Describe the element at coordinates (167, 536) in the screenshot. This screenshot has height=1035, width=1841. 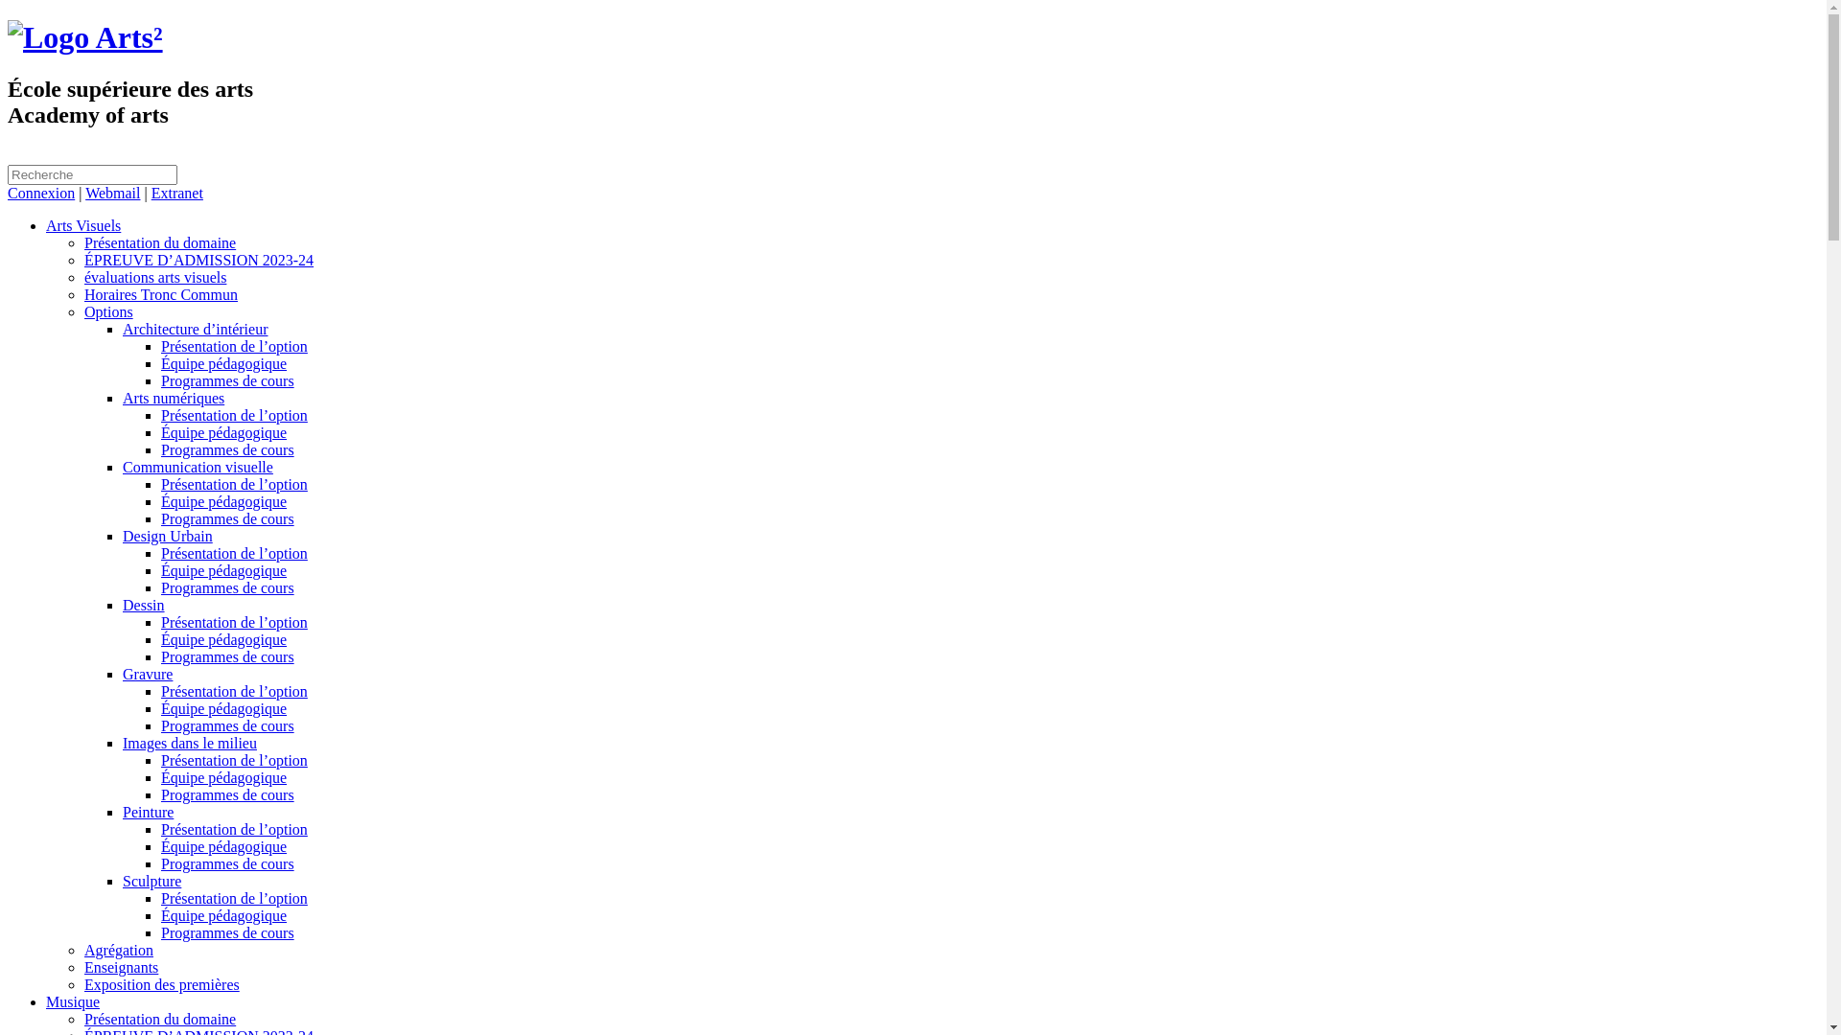
I see `'Design Urbain'` at that location.